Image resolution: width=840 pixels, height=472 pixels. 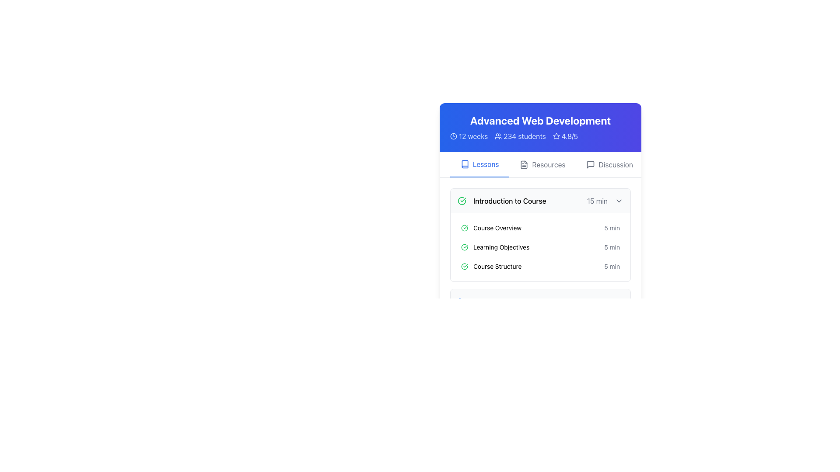 What do you see at coordinates (510, 201) in the screenshot?
I see `the Text Display element that shows 'Introduction to Course' in bold font, located next to a green check icon` at bounding box center [510, 201].